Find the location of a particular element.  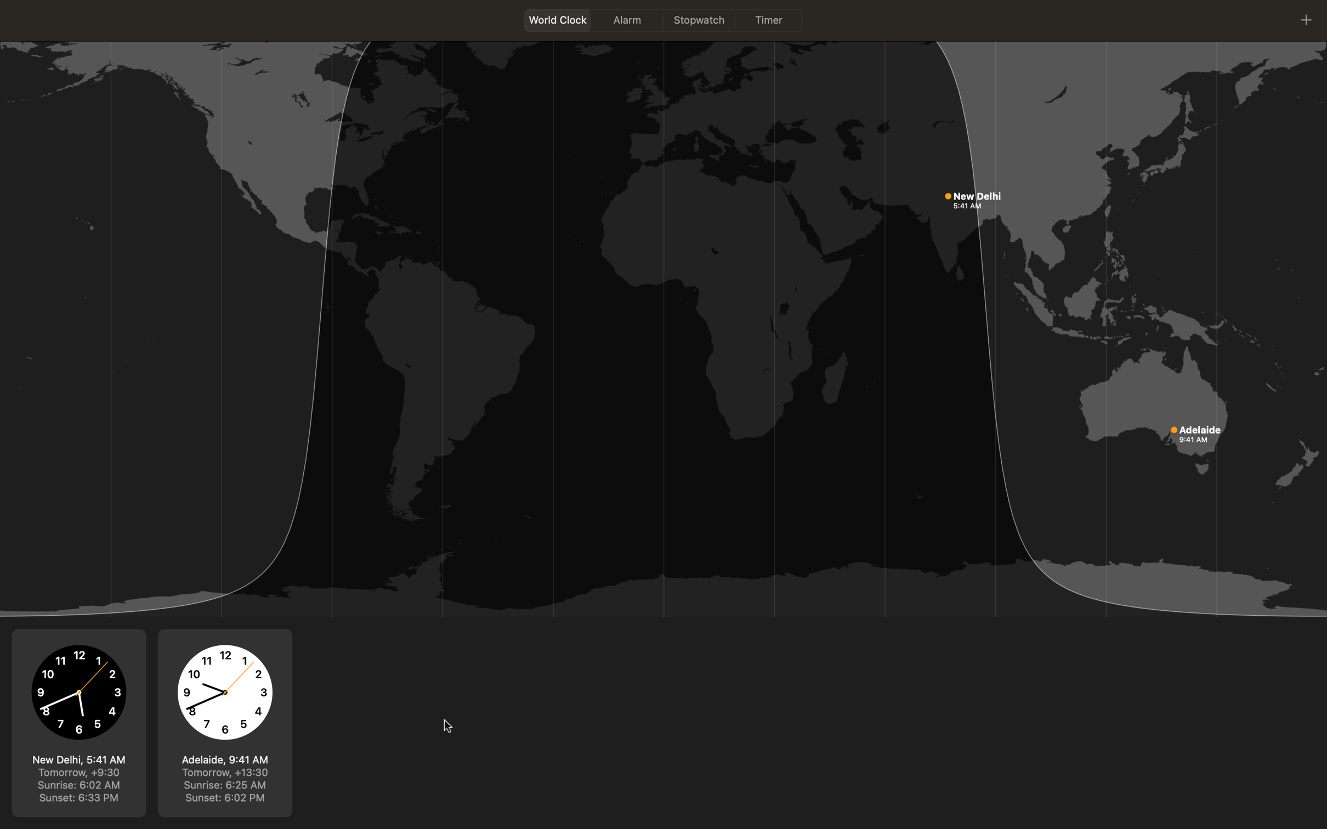

Switch to set alarm is located at coordinates (626, 19).